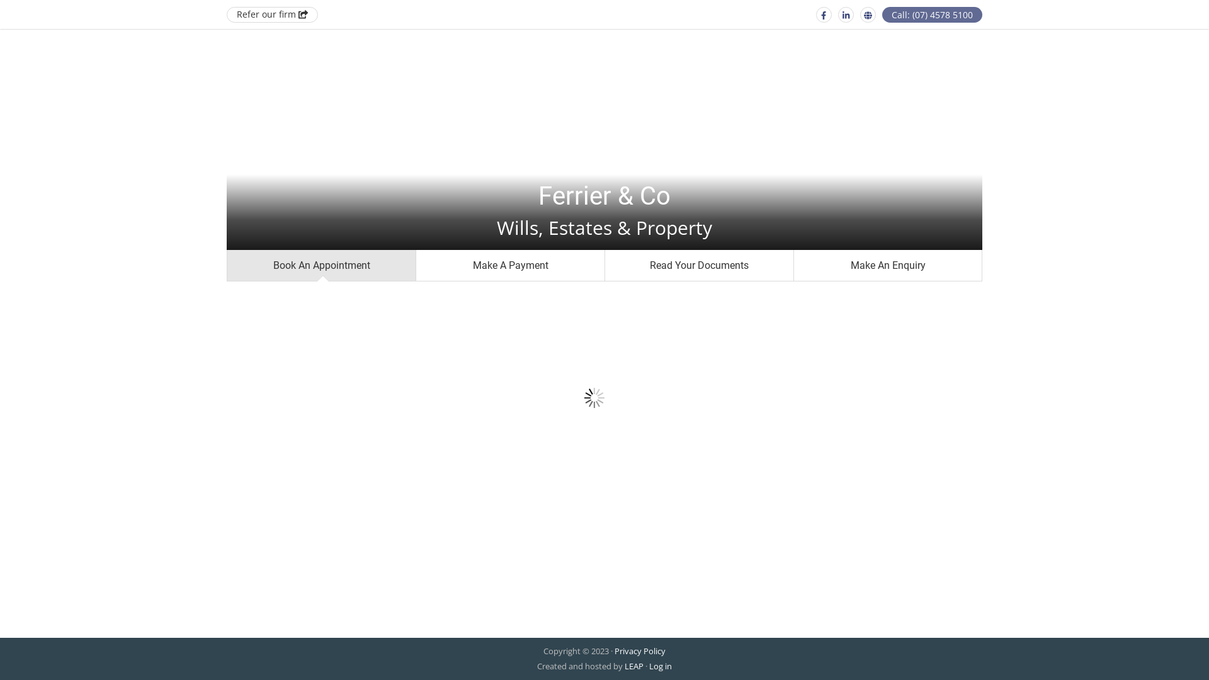  Describe the element at coordinates (846, 14) in the screenshot. I see `'Linkedin'` at that location.